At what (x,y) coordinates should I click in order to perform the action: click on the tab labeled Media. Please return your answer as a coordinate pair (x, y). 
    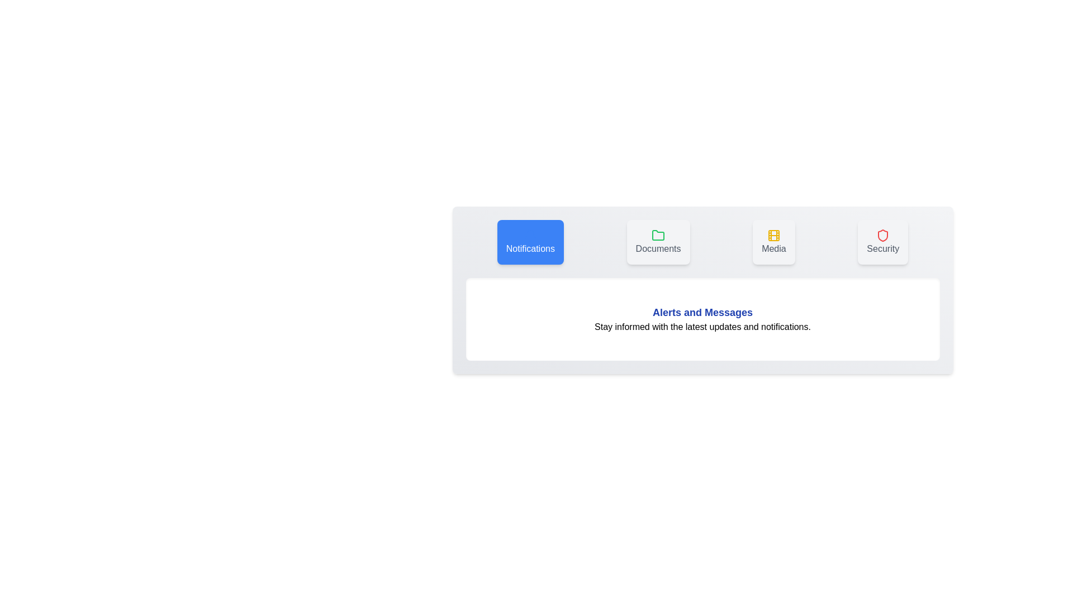
    Looking at the image, I should click on (773, 242).